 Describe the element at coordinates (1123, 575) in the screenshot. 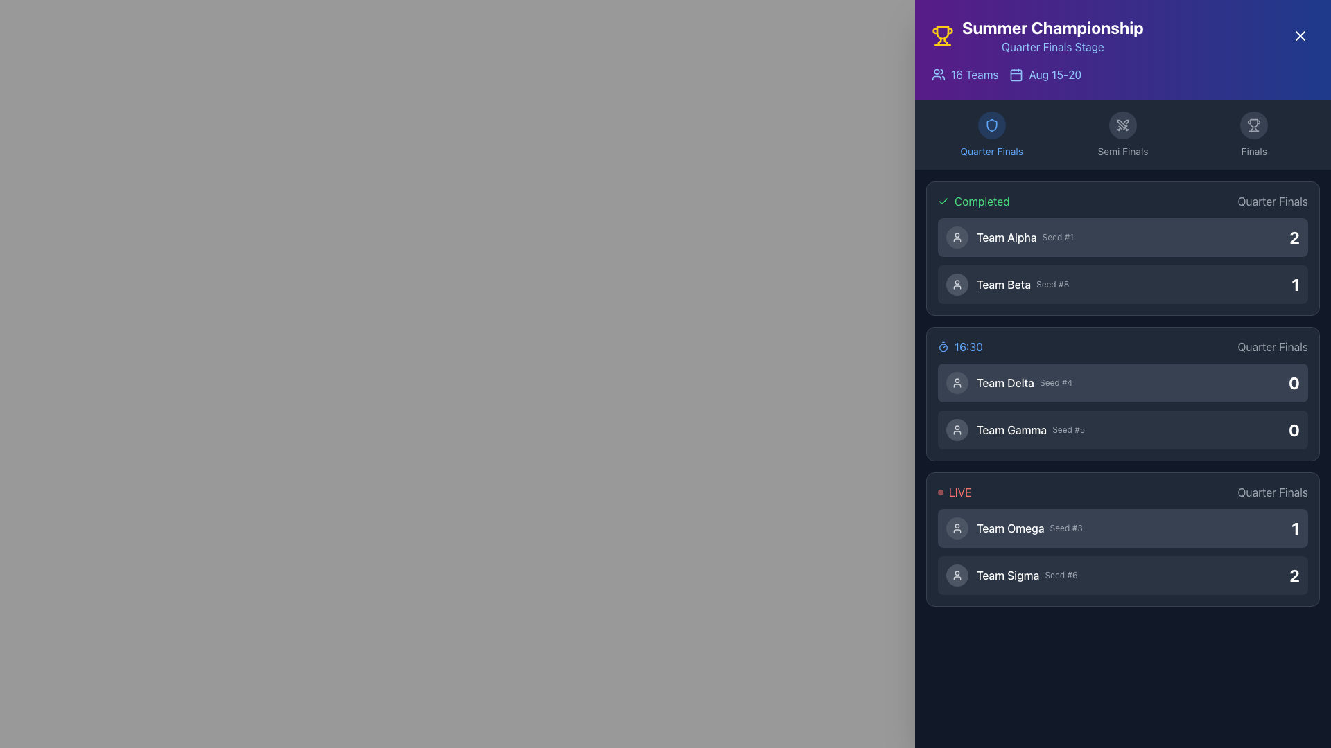

I see `the second card in the 'LIVE' list labeled 'Team Sigma', which features a dark gray background, rounded corners, and displays the score '2' on the right` at that location.